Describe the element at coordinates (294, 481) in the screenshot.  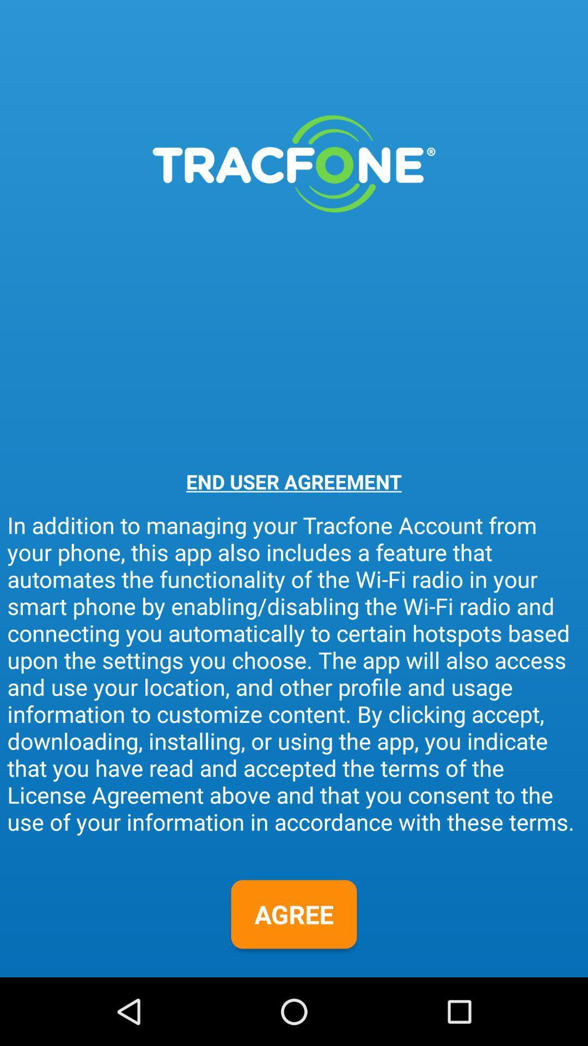
I see `the end user agreement item` at that location.